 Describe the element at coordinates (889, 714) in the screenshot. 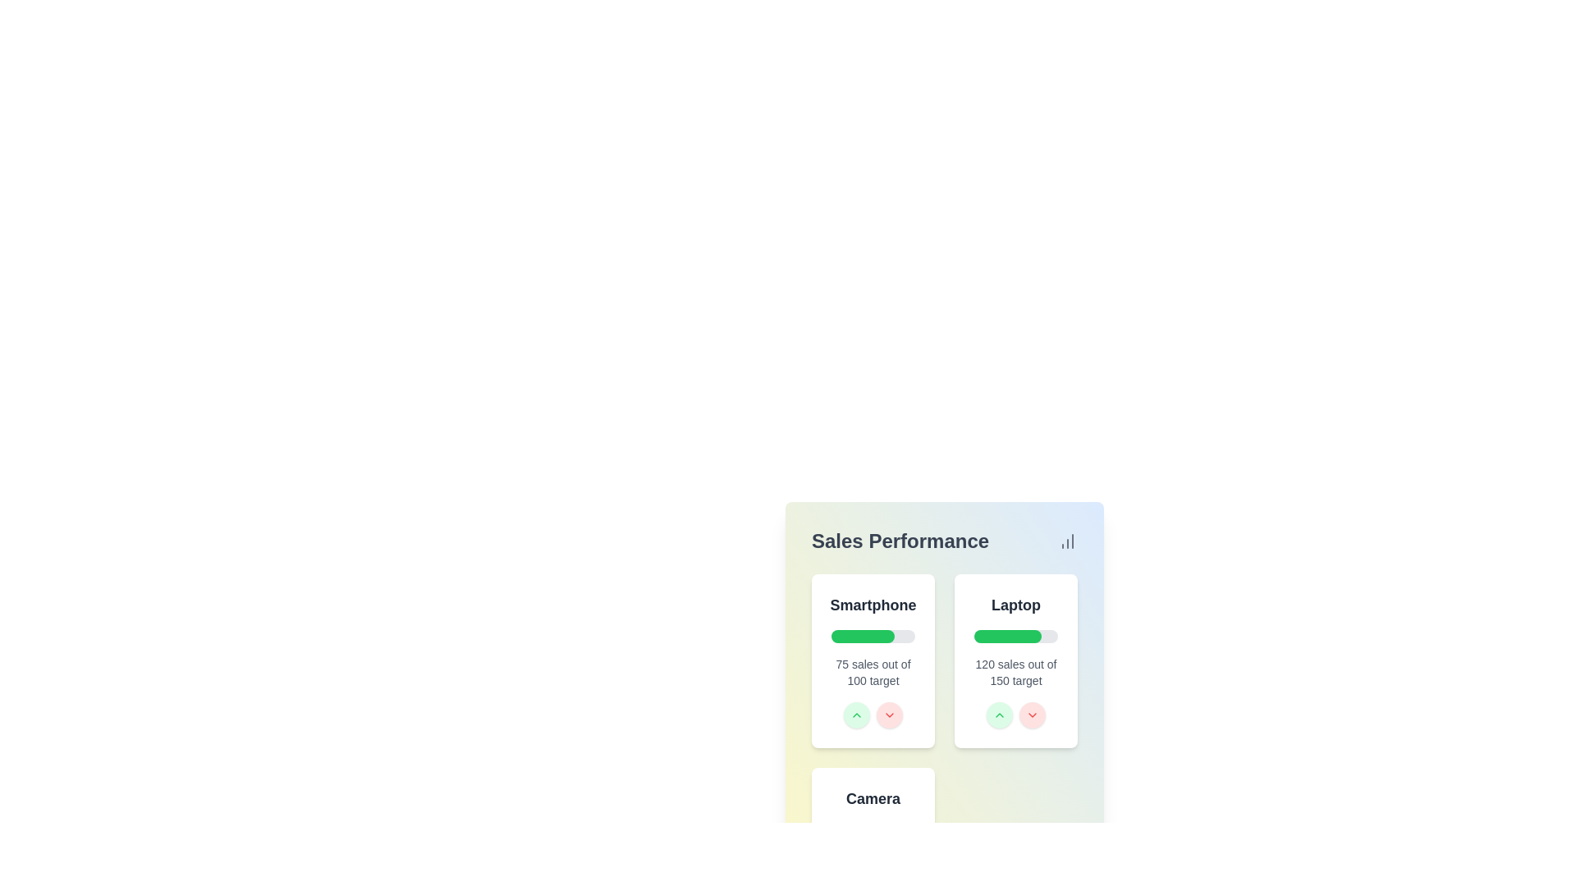

I see `the circular button with a light red background and a downward chevron in the 'Sales Performance' section` at that location.